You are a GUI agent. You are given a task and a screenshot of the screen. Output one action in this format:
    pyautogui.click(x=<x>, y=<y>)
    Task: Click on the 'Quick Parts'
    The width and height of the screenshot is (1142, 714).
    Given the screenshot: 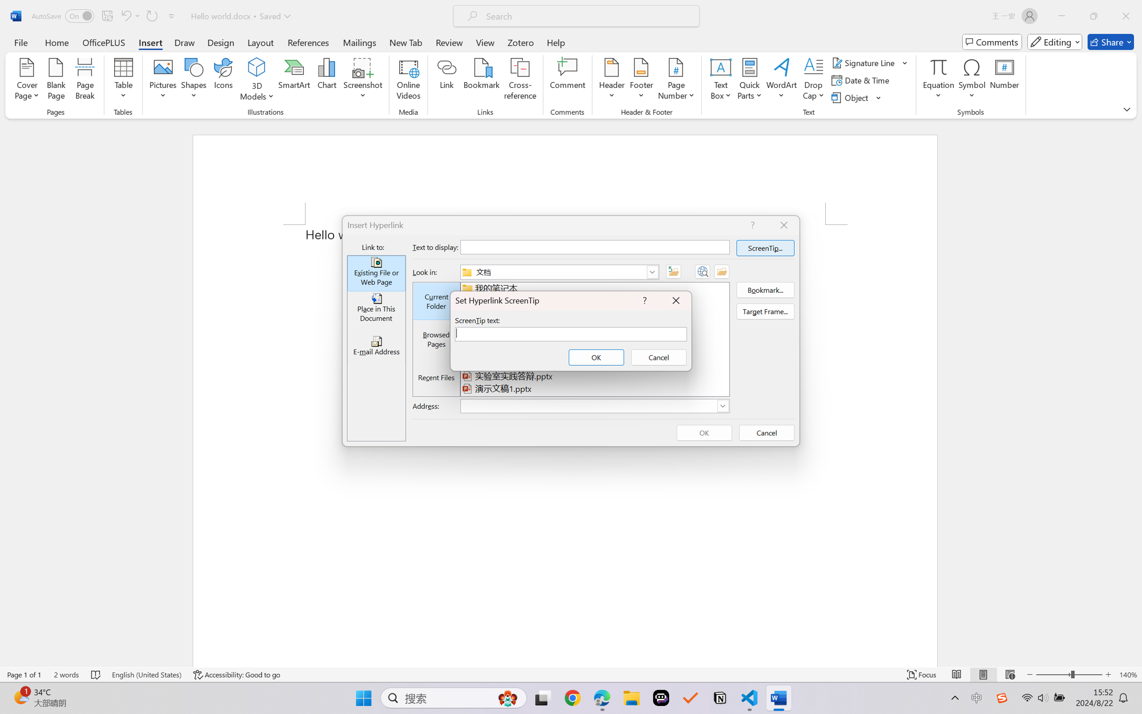 What is the action you would take?
    pyautogui.click(x=750, y=80)
    